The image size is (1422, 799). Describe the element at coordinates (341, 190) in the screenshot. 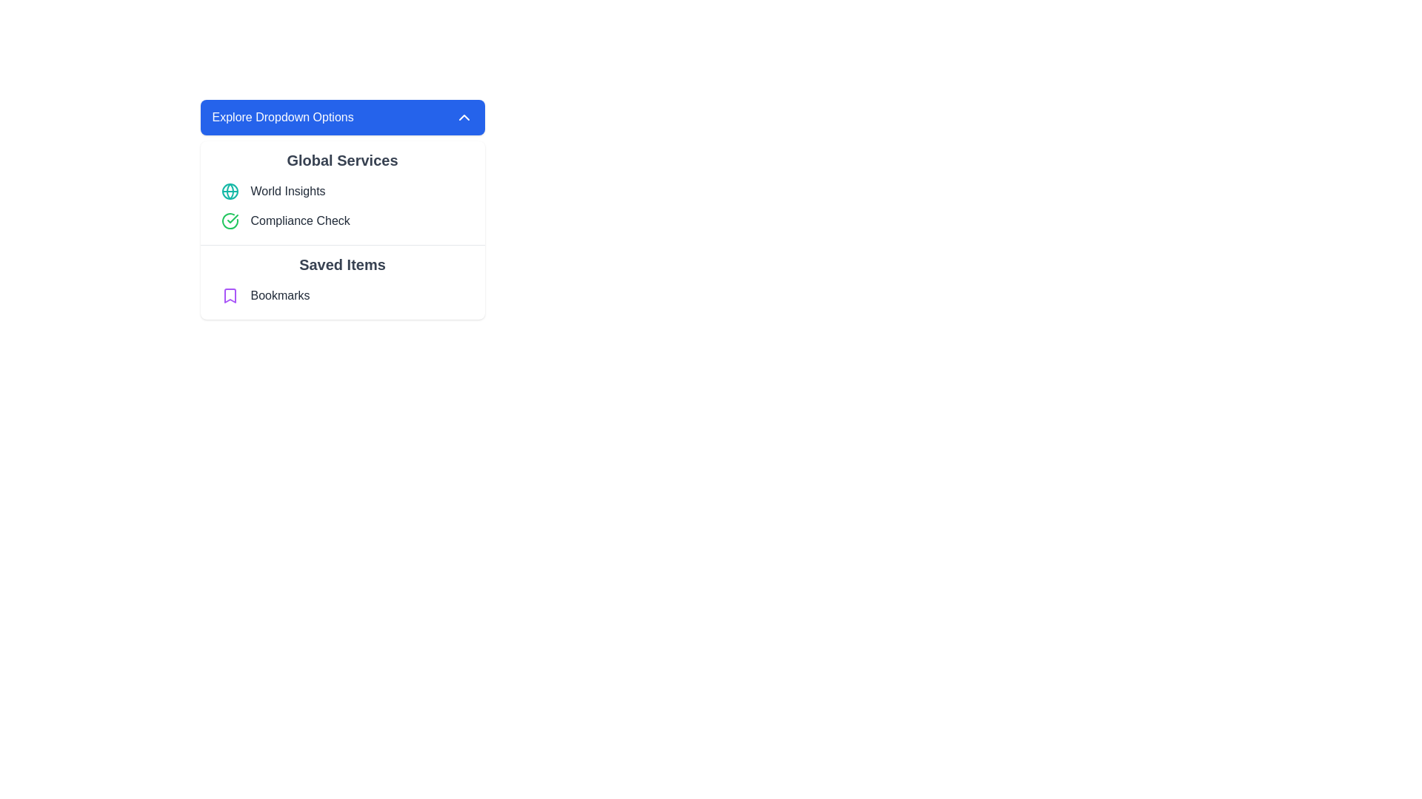

I see `the first selectable list item under the 'Global Services' section, which represents the 'World Insights' service` at that location.